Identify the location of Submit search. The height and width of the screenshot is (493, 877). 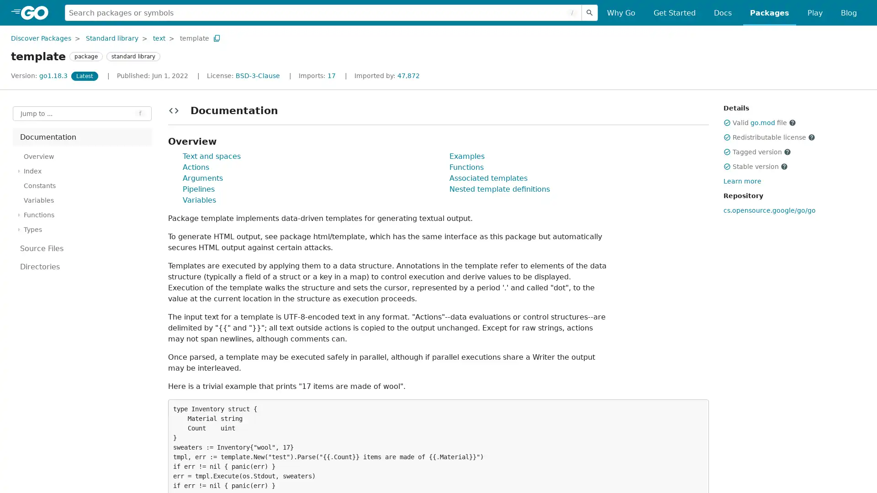
(590, 12).